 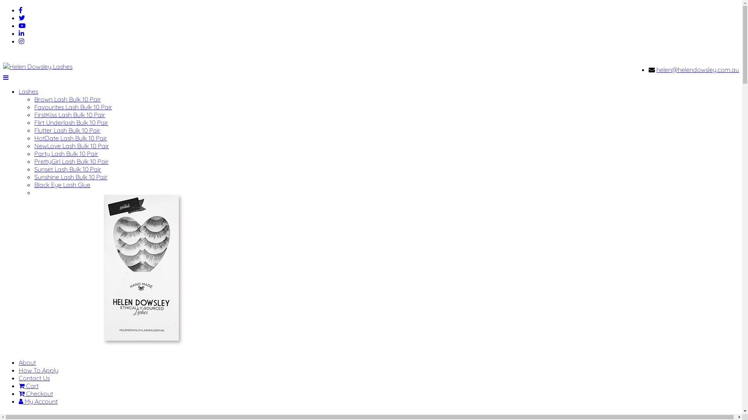 I want to click on 'PrettyGirl Lash Bulk 10 Pair', so click(x=34, y=161).